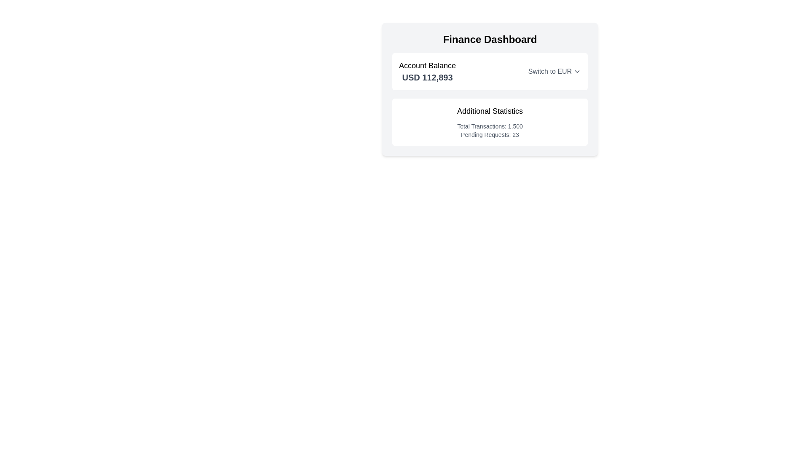 The height and width of the screenshot is (455, 809). I want to click on account balance displayed in the Text Display element located in the Finance Dashboard, positioned left of the 'Switch to EUR' switch, so click(427, 71).